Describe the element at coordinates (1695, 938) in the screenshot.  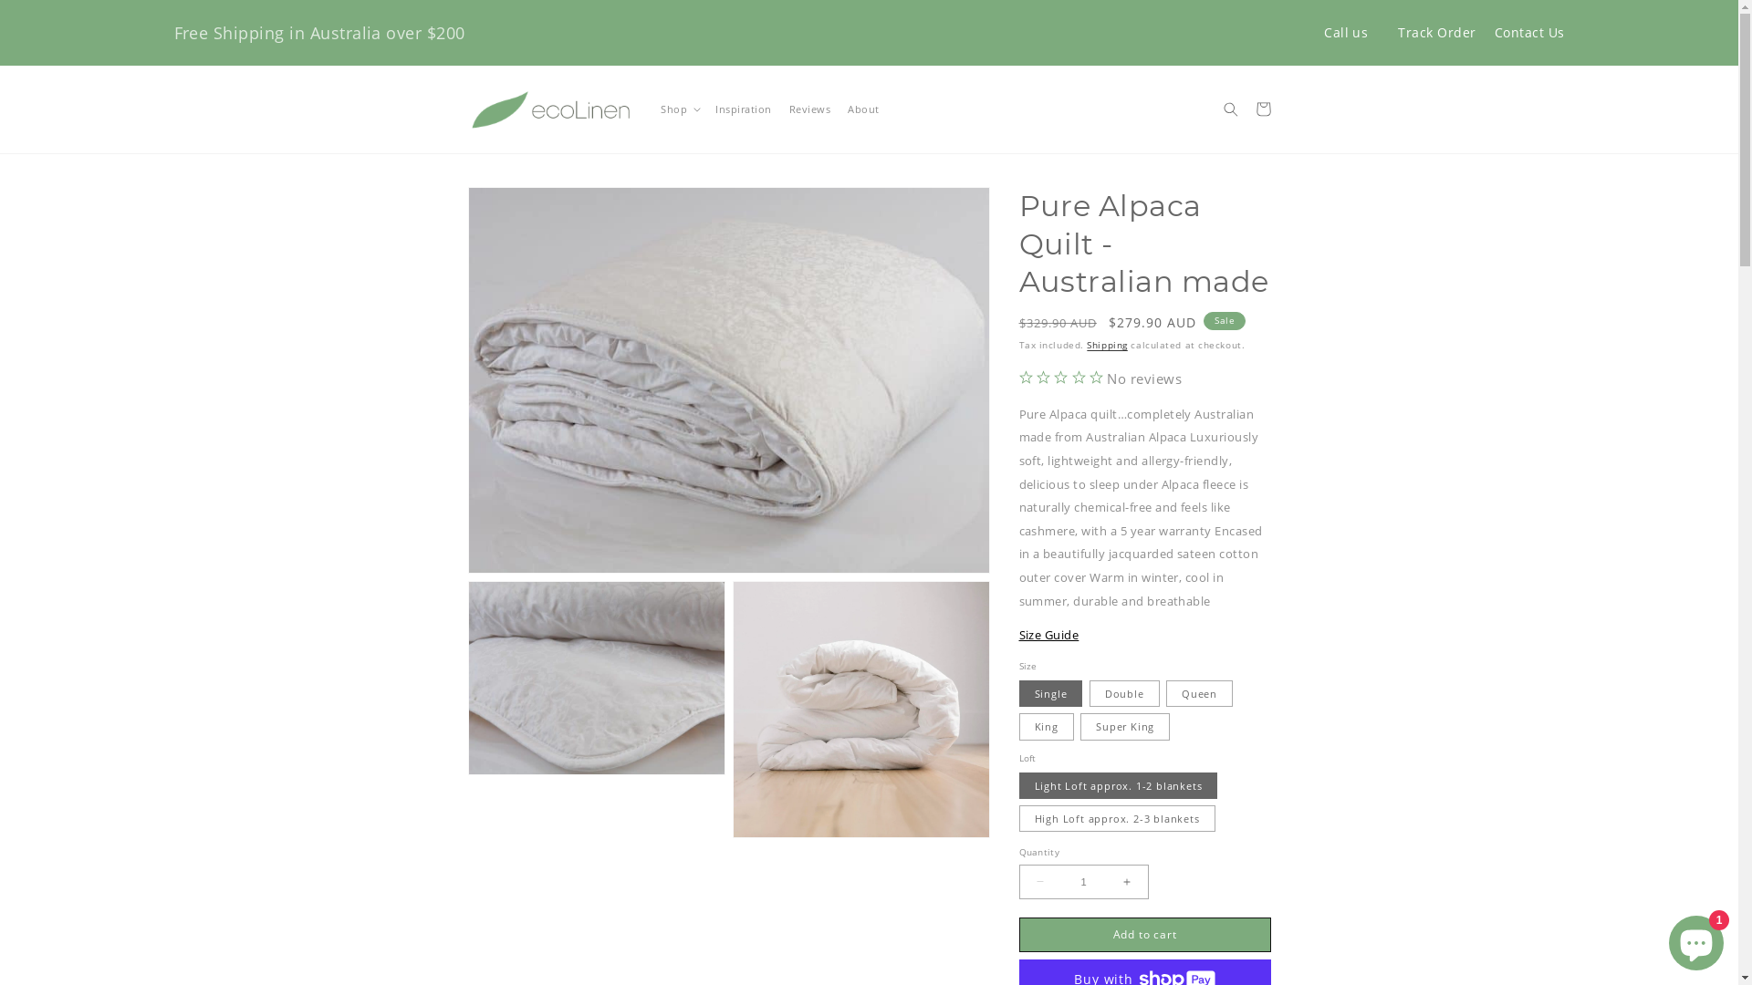
I see `'Shopify online store chat'` at that location.